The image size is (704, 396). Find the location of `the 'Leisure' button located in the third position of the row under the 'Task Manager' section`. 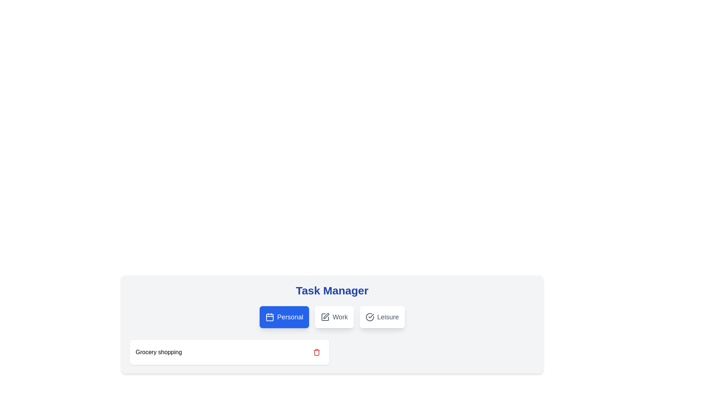

the 'Leisure' button located in the third position of the row under the 'Task Manager' section is located at coordinates (382, 316).